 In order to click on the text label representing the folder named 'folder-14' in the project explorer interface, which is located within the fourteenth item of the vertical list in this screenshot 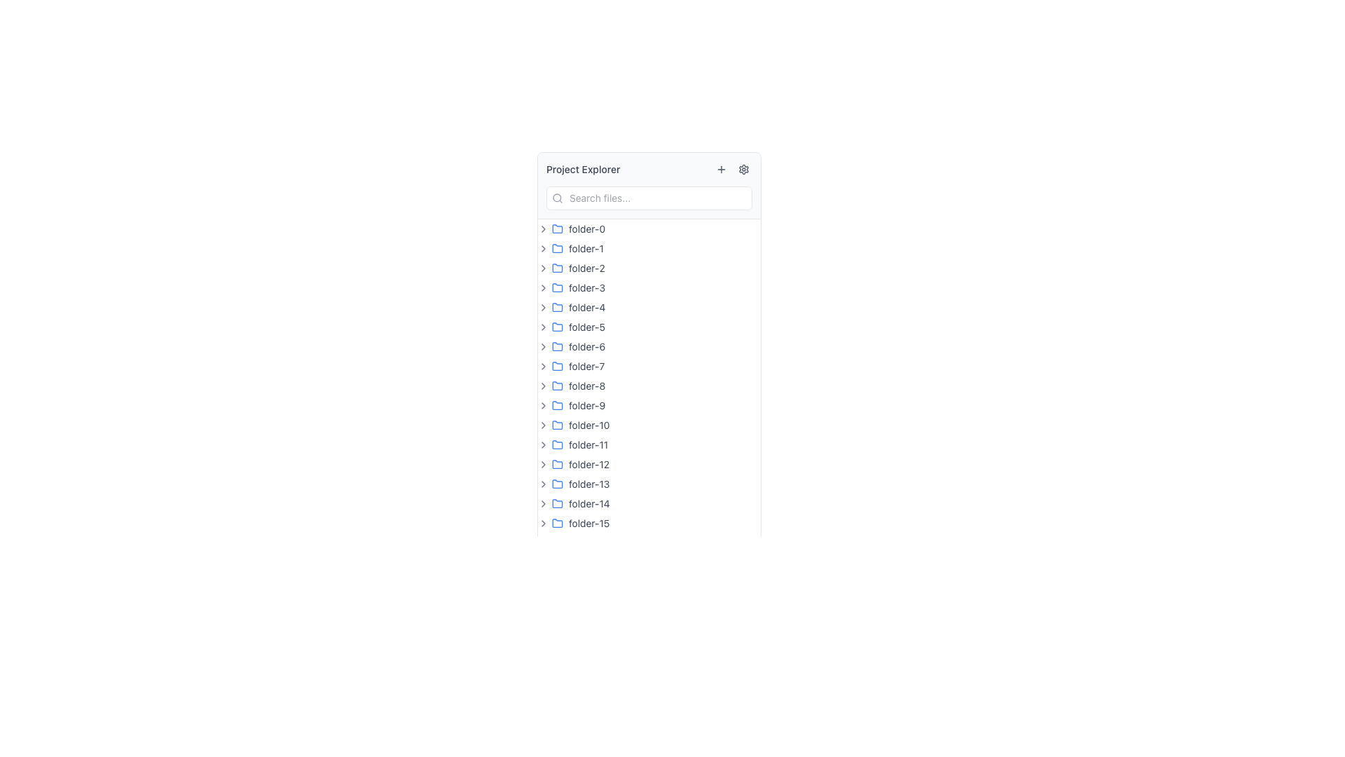, I will do `click(589, 503)`.